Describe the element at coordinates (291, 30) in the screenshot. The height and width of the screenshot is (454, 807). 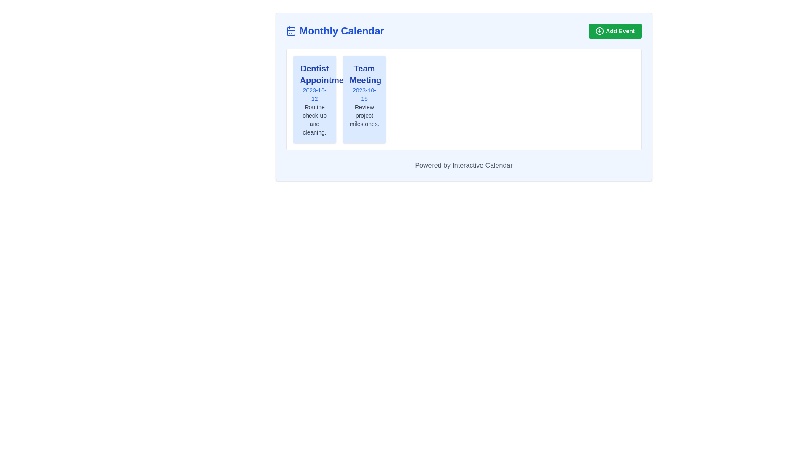
I see `the calendar icon located at the upper-left corner of the 'Monthly Calendar' header section for visual reference` at that location.